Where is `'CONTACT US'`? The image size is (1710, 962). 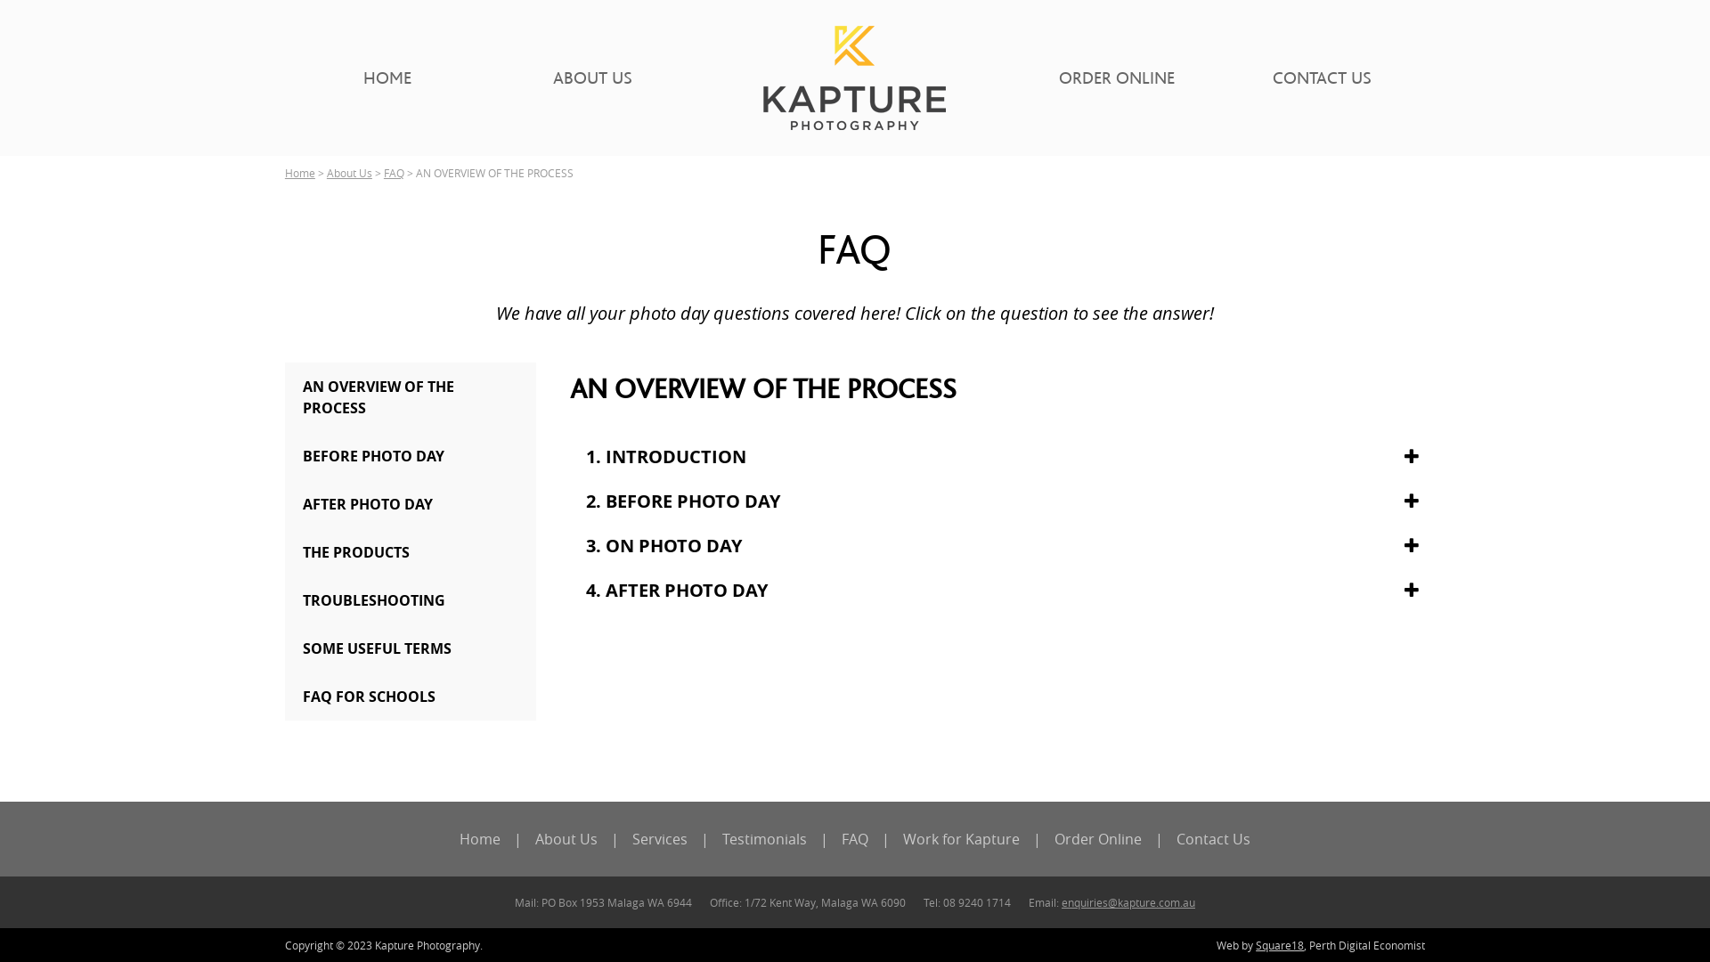
'CONTACT US' is located at coordinates (1322, 77).